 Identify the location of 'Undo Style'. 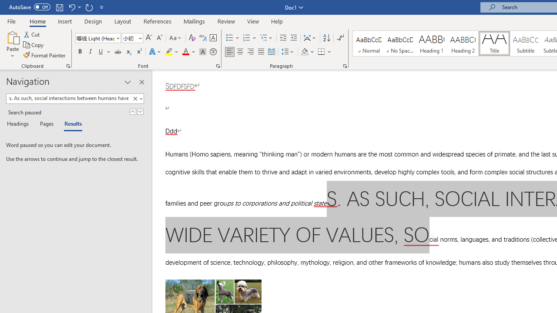
(74, 7).